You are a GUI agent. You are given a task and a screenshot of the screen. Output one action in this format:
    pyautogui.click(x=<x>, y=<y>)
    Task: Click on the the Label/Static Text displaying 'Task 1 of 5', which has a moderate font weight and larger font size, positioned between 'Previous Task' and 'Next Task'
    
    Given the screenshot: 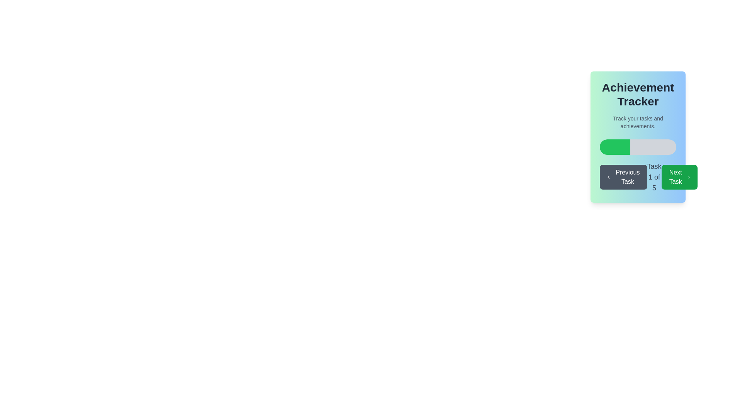 What is the action you would take?
    pyautogui.click(x=654, y=177)
    